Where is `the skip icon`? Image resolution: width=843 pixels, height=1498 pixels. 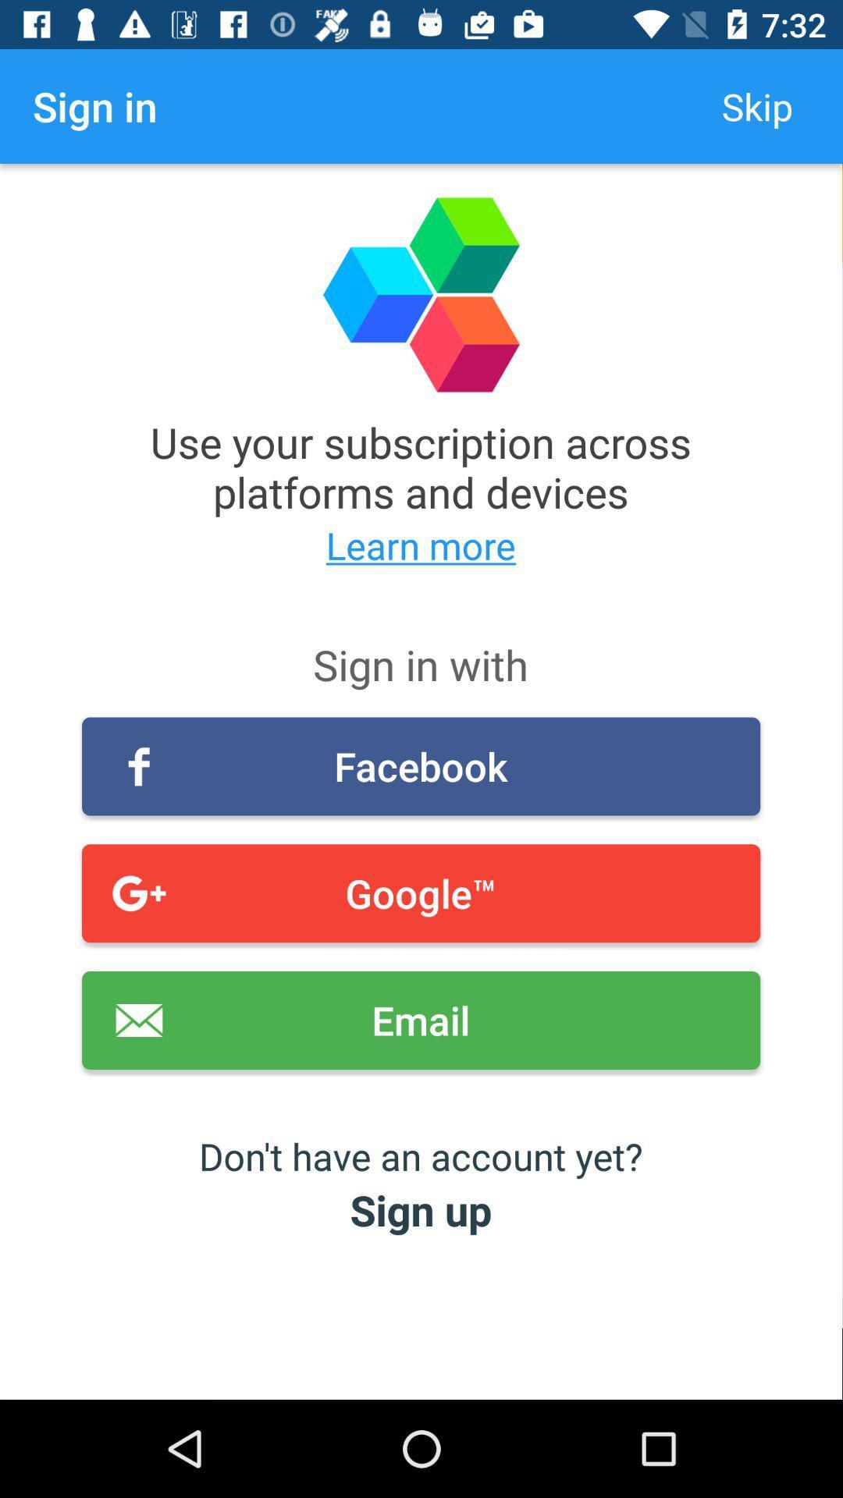 the skip icon is located at coordinates (756, 105).